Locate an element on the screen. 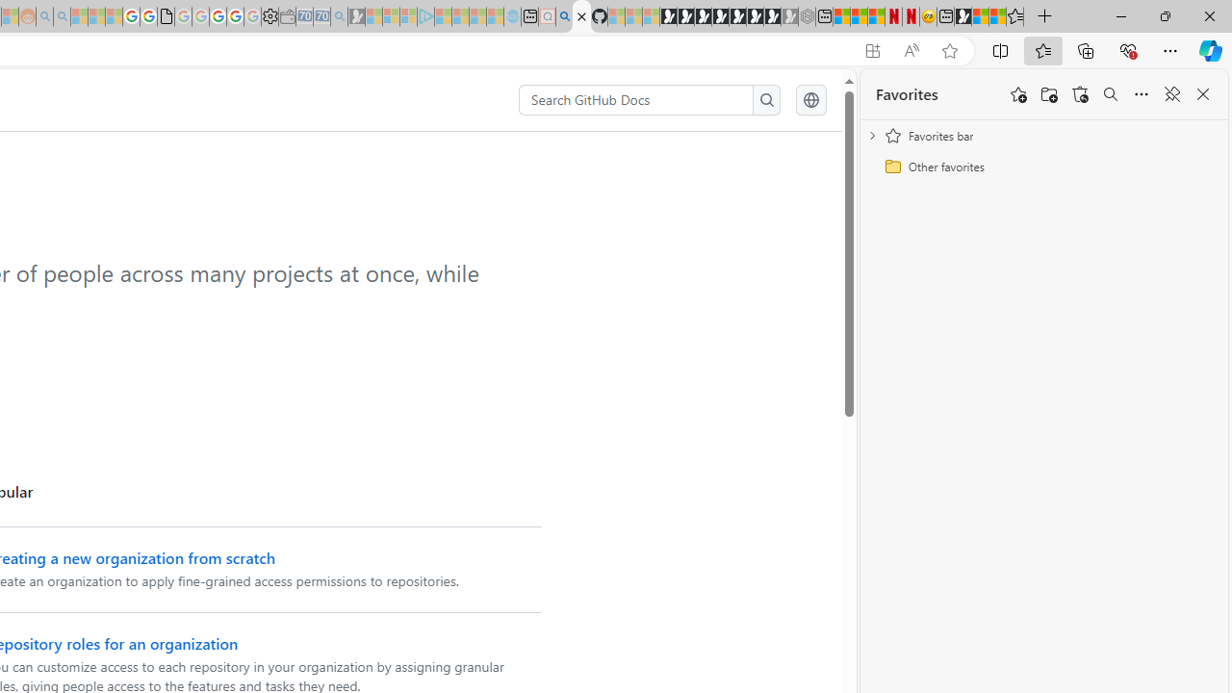 The height and width of the screenshot is (693, 1232). 'github - Search' is located at coordinates (563, 16).